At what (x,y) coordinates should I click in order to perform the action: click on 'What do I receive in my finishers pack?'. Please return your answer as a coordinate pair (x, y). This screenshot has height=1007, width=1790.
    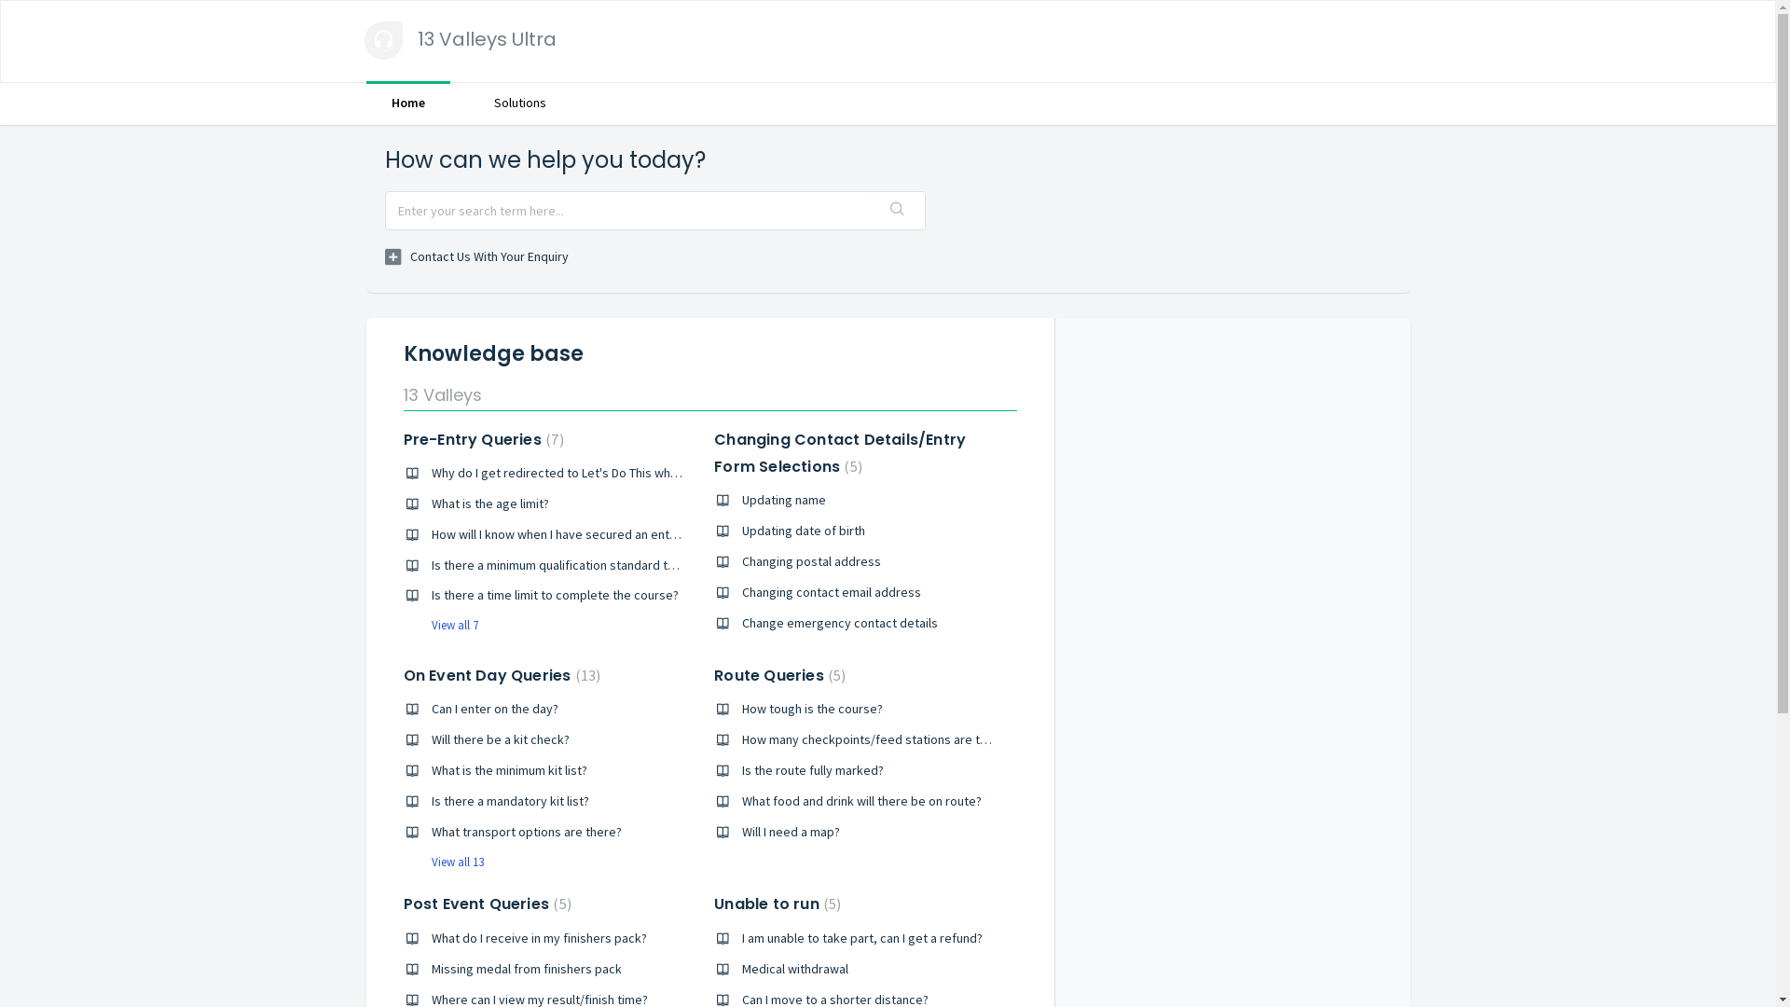
    Looking at the image, I should click on (537, 938).